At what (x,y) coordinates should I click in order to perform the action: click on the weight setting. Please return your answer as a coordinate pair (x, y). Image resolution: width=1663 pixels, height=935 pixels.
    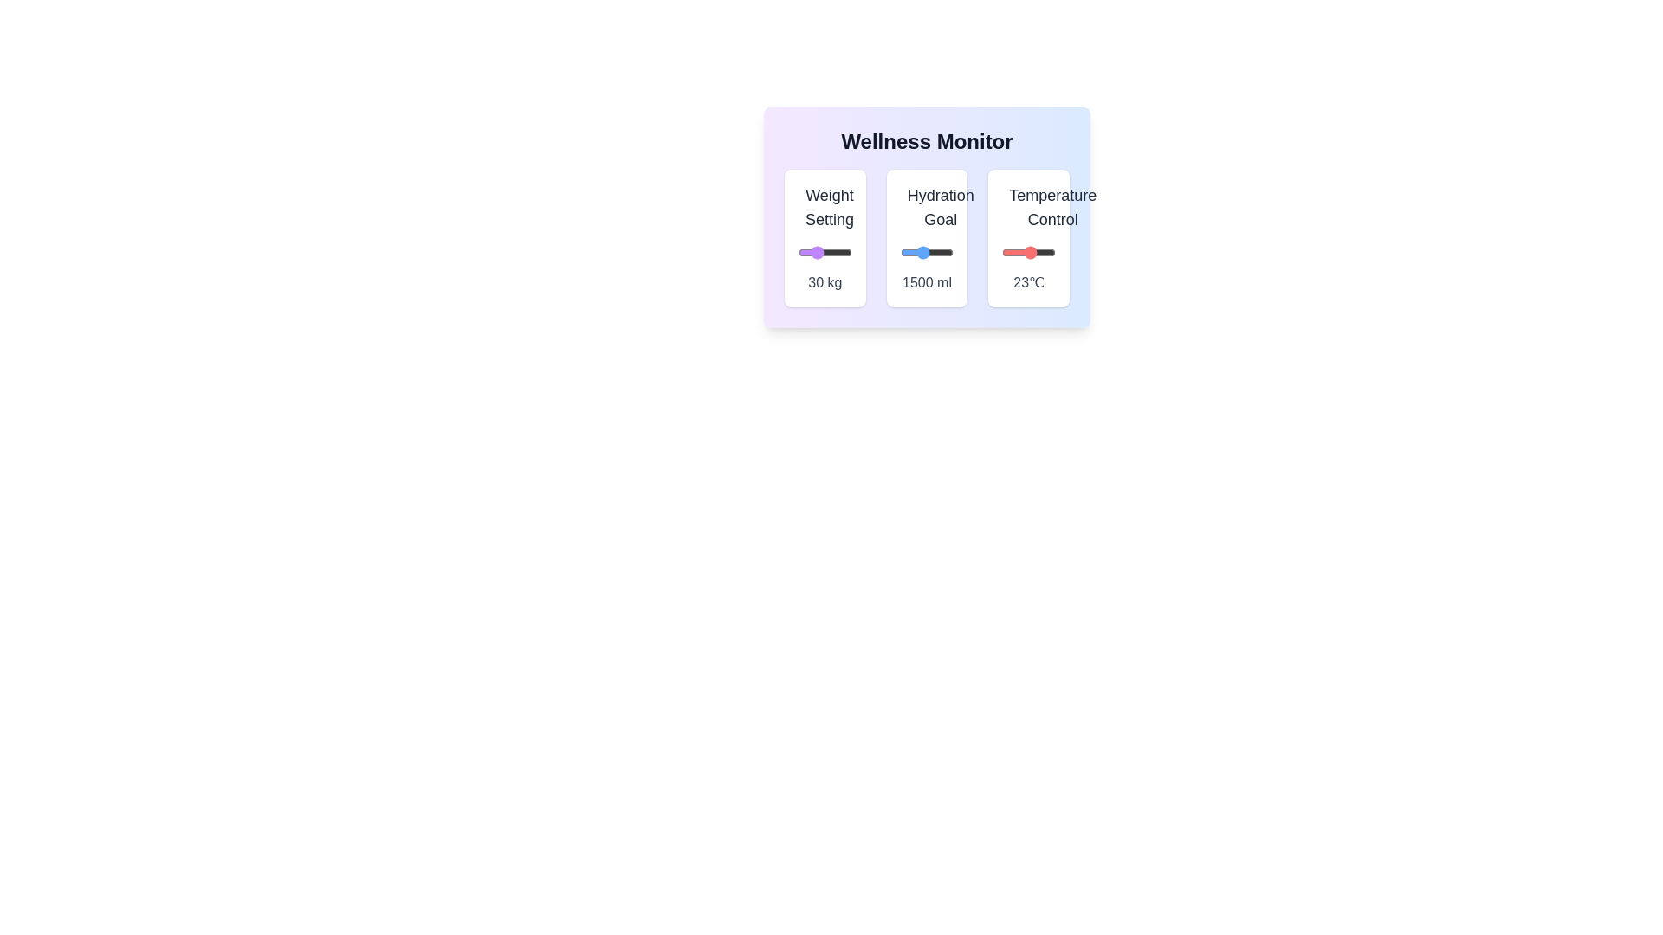
    Looking at the image, I should click on (846, 253).